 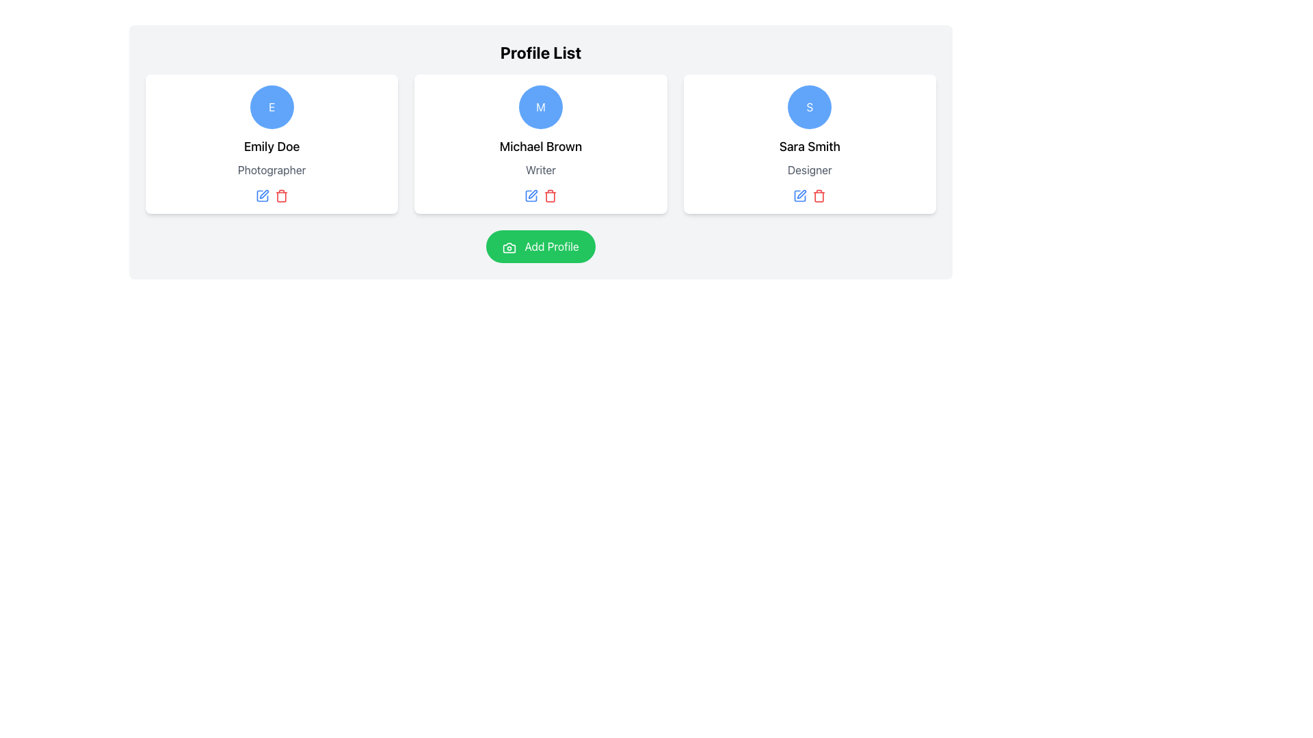 What do you see at coordinates (264, 194) in the screenshot?
I see `the edit icon button located at the bottom left of the profile card for 'Emily Doe'` at bounding box center [264, 194].